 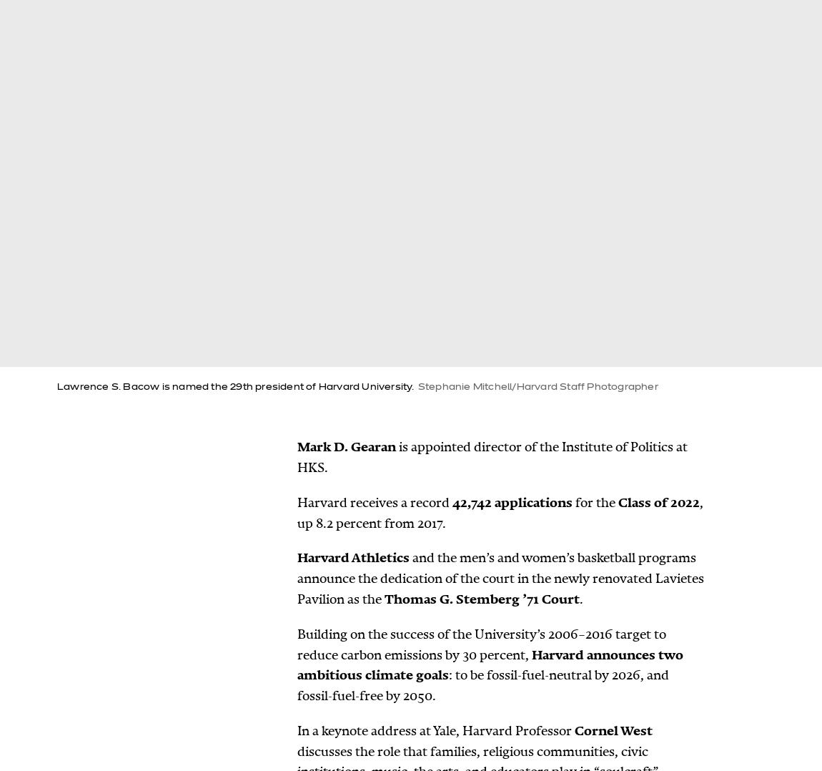 I want to click on 'for the', so click(x=594, y=501).